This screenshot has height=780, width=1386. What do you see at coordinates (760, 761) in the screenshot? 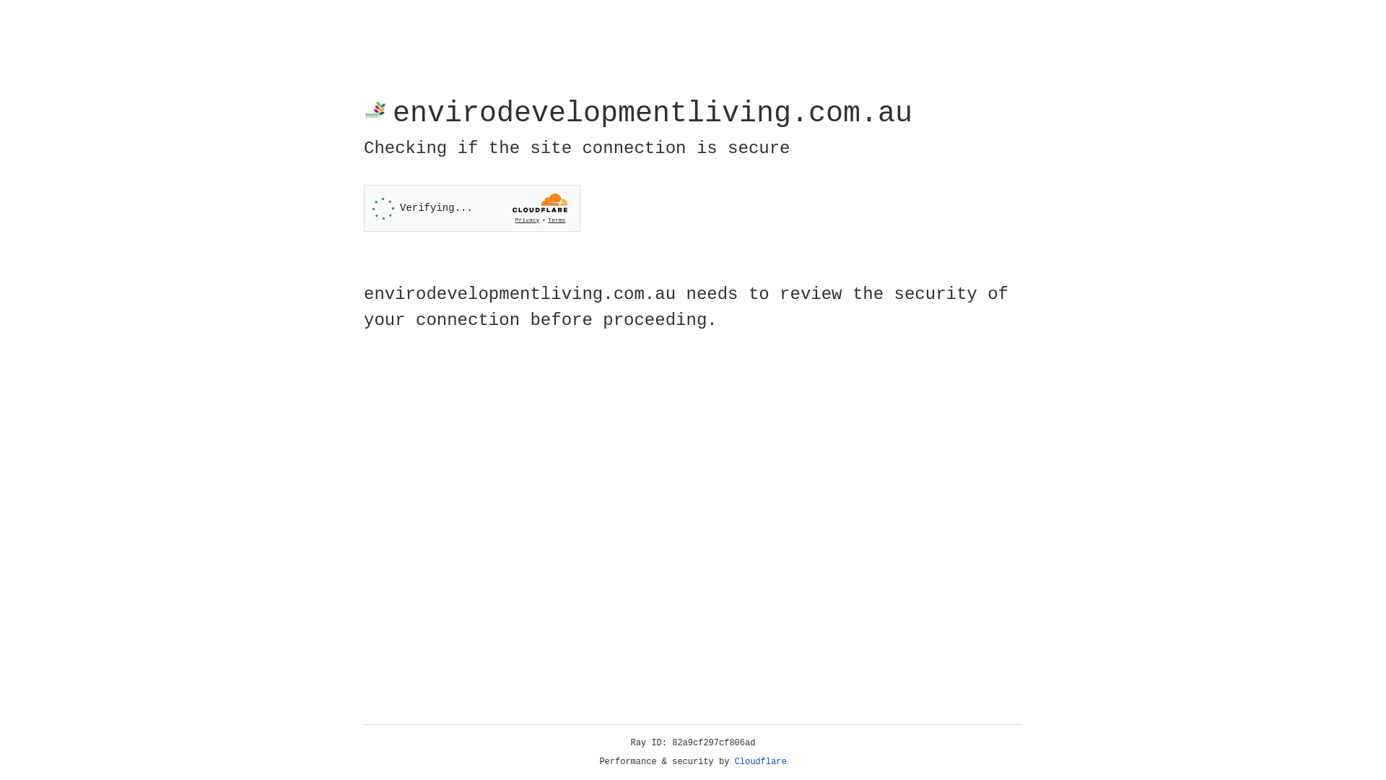
I see `'Cloudflare'` at bounding box center [760, 761].